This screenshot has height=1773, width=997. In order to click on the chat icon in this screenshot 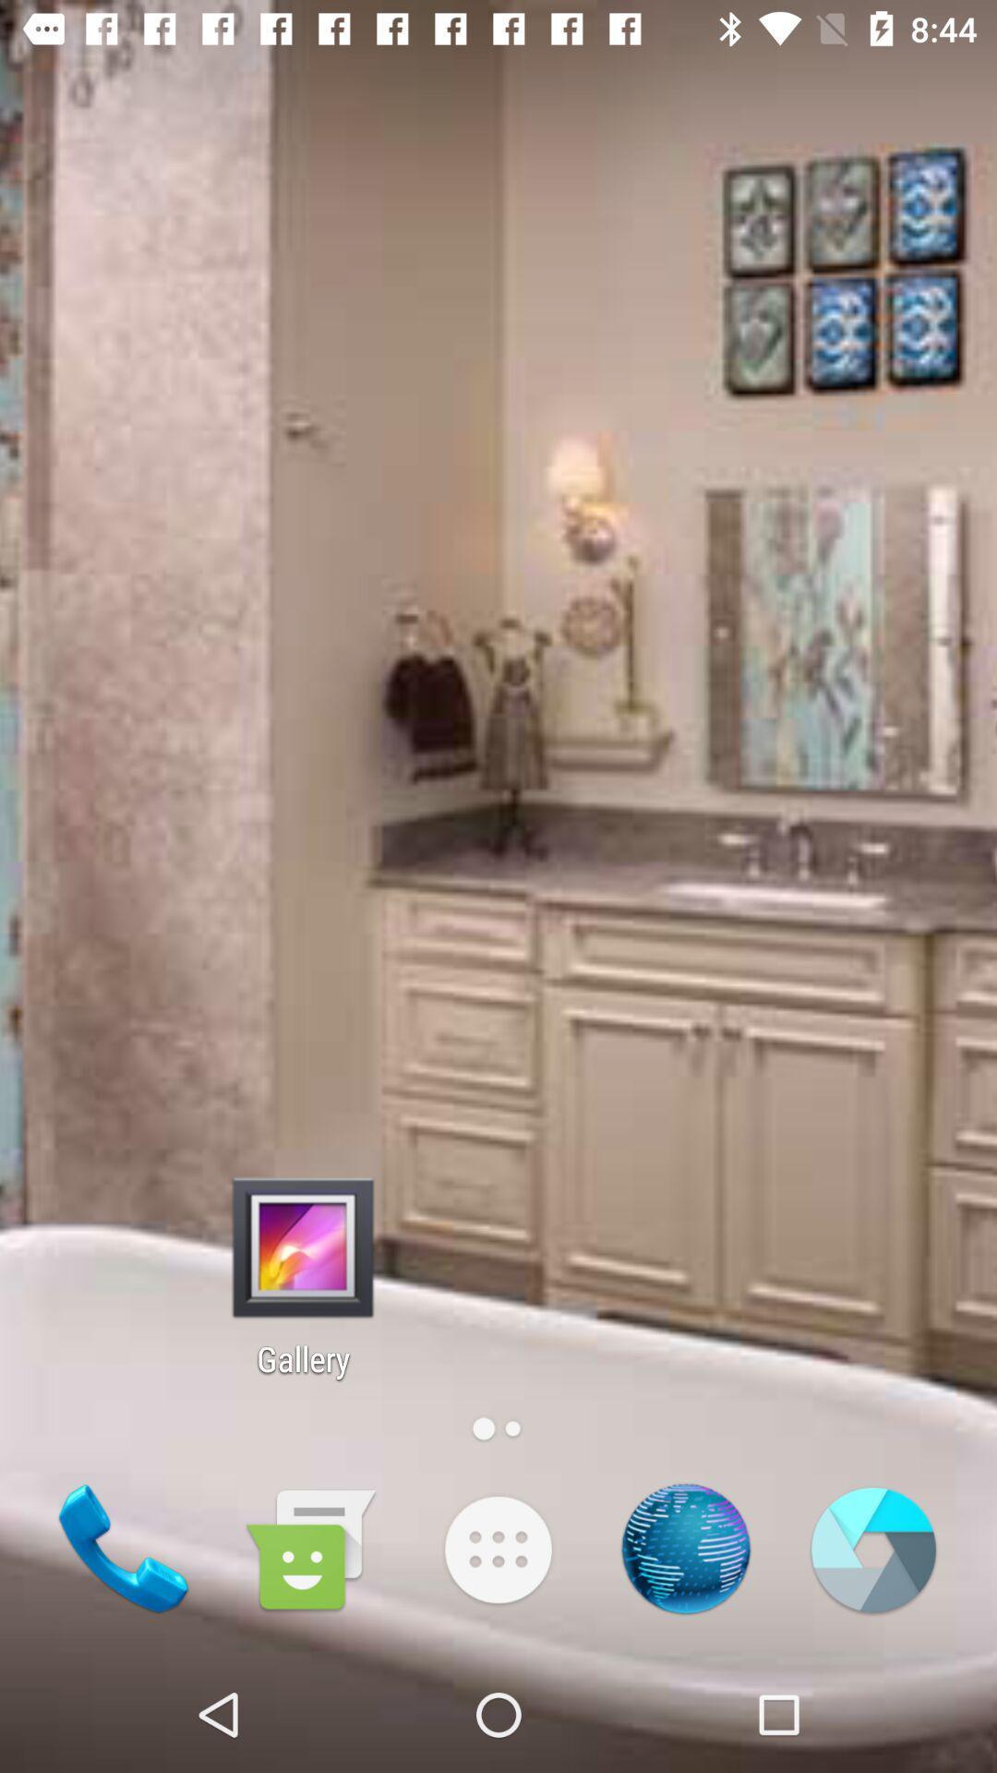, I will do `click(308, 1540)`.